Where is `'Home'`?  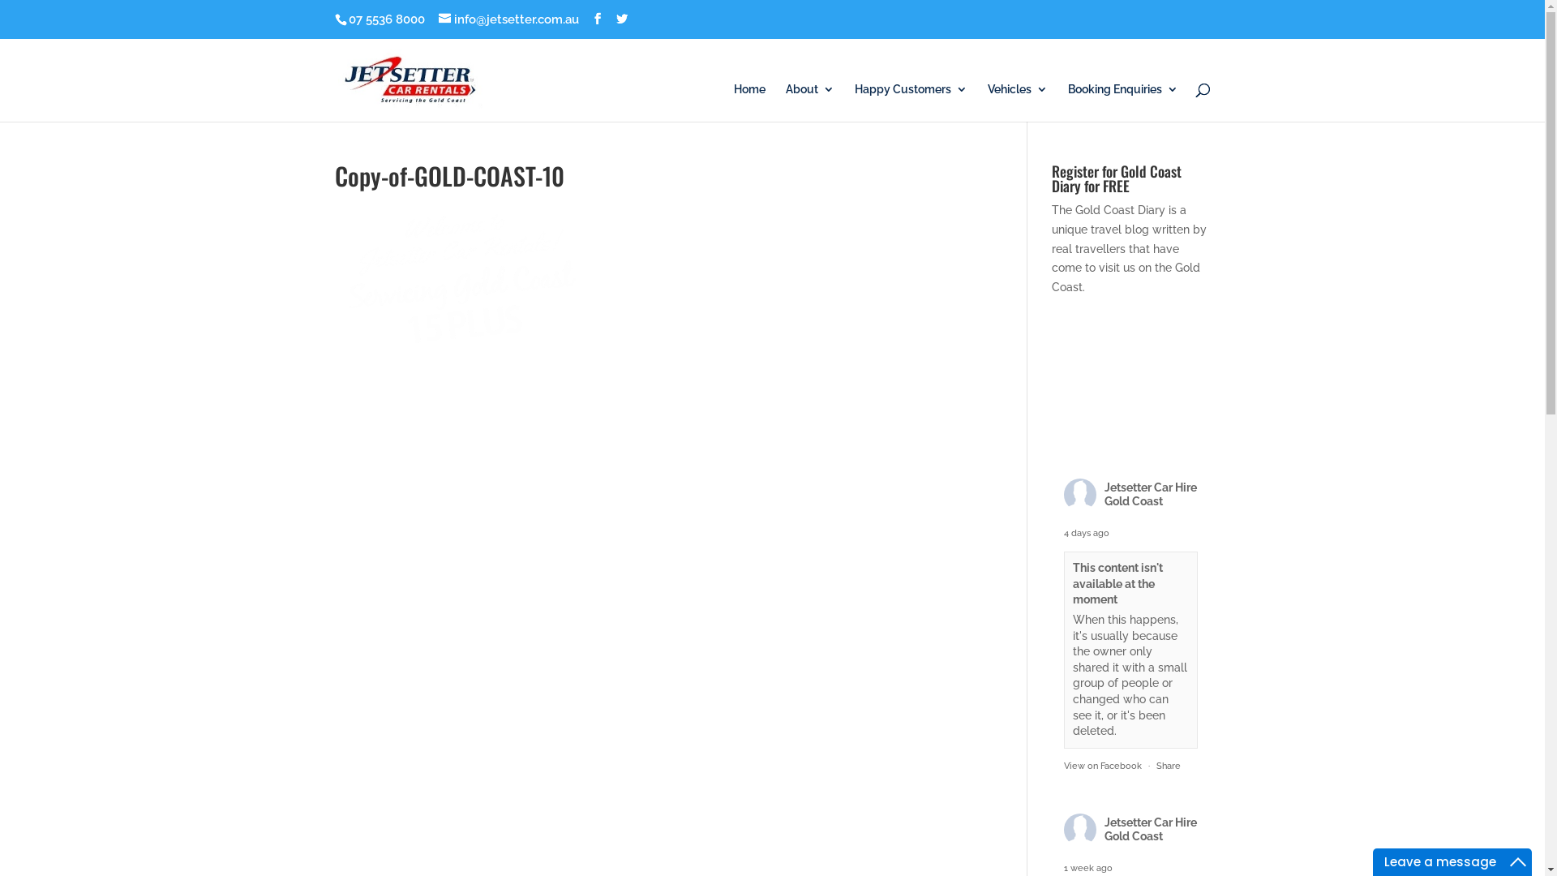
'Home' is located at coordinates (731, 101).